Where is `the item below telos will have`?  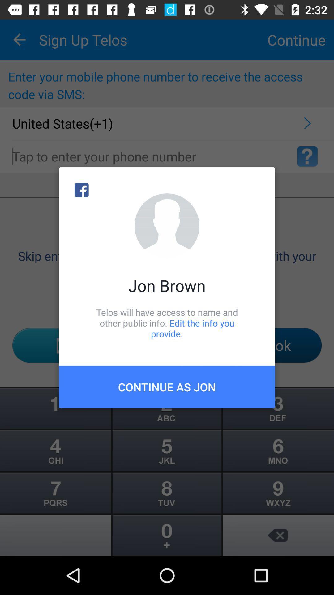
the item below telos will have is located at coordinates (167, 386).